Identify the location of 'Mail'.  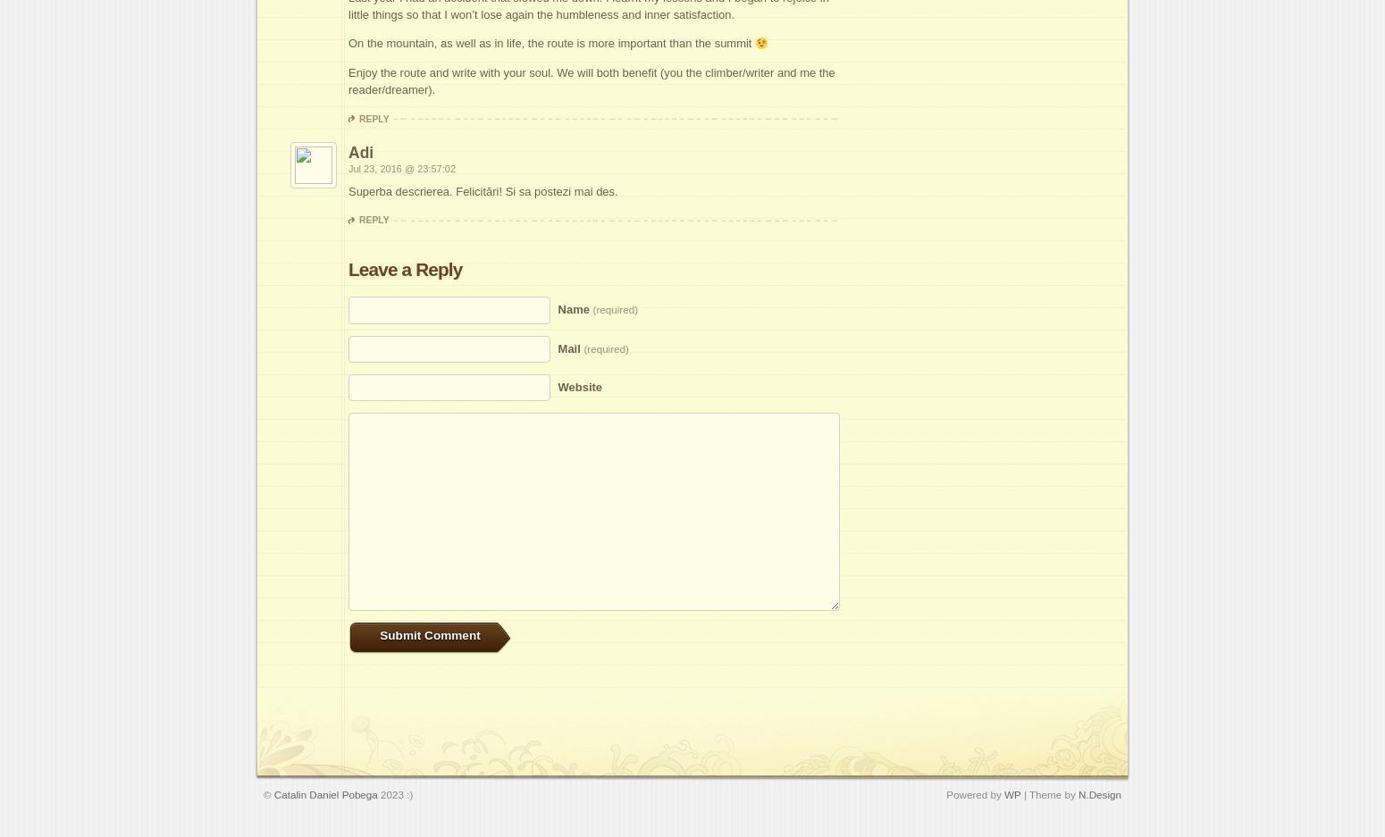
(569, 347).